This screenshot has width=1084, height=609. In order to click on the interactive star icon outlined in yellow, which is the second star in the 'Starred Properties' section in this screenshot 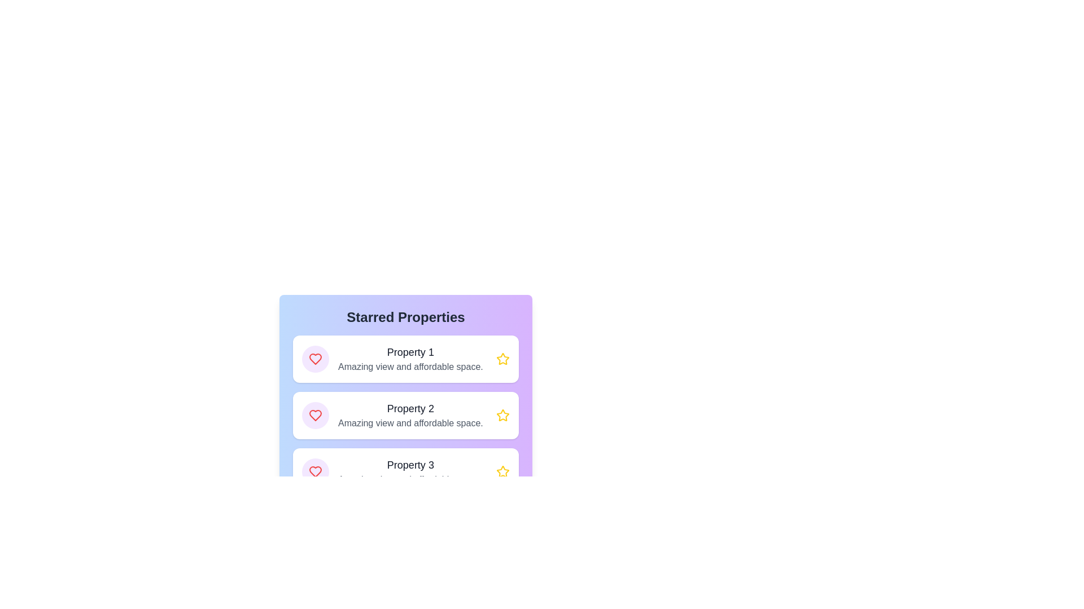, I will do `click(502, 415)`.